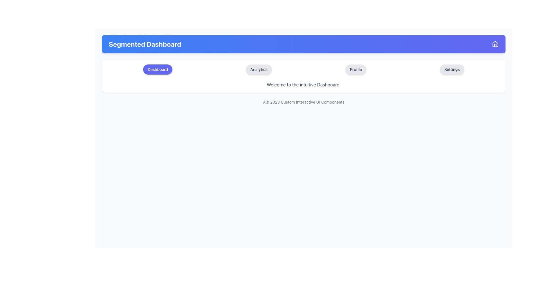 Image resolution: width=541 pixels, height=304 pixels. I want to click on displayed information from the text label 'Segmented Dashboard' which is styled in a large, bold font and displayed in white against a gradient background, so click(145, 44).